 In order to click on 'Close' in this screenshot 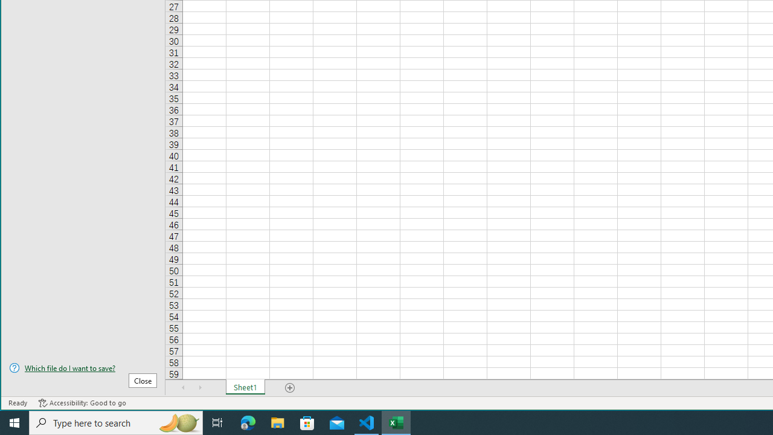, I will do `click(143, 381)`.